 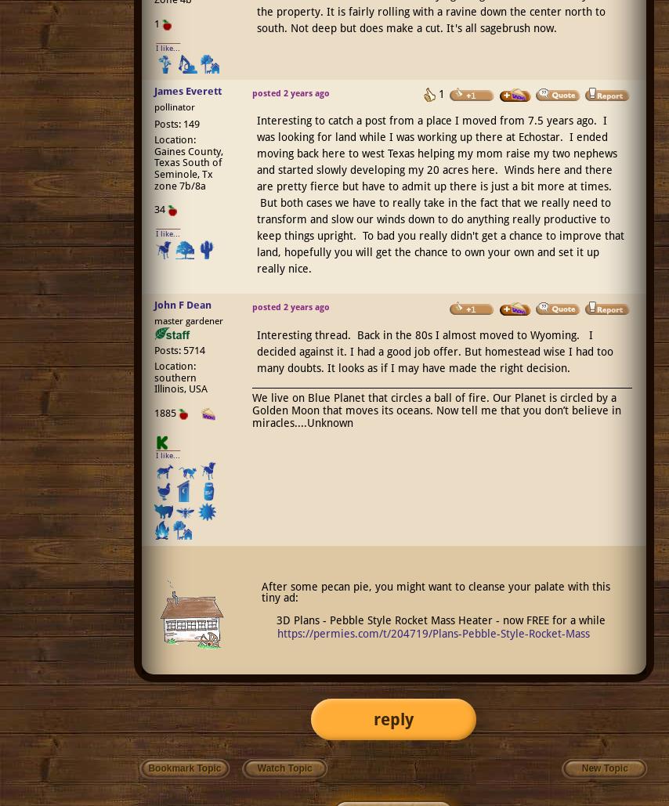 I want to click on 'Posts: 149', so click(x=176, y=124).